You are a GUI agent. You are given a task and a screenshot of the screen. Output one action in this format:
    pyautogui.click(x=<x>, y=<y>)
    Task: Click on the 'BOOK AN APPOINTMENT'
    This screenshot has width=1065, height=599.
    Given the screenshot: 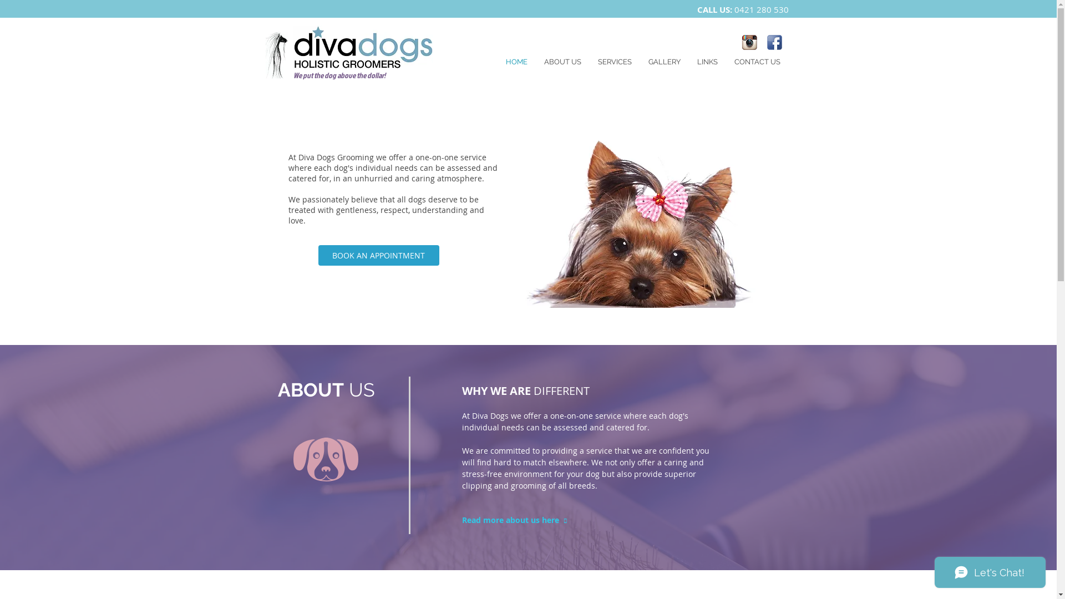 What is the action you would take?
    pyautogui.click(x=378, y=255)
    